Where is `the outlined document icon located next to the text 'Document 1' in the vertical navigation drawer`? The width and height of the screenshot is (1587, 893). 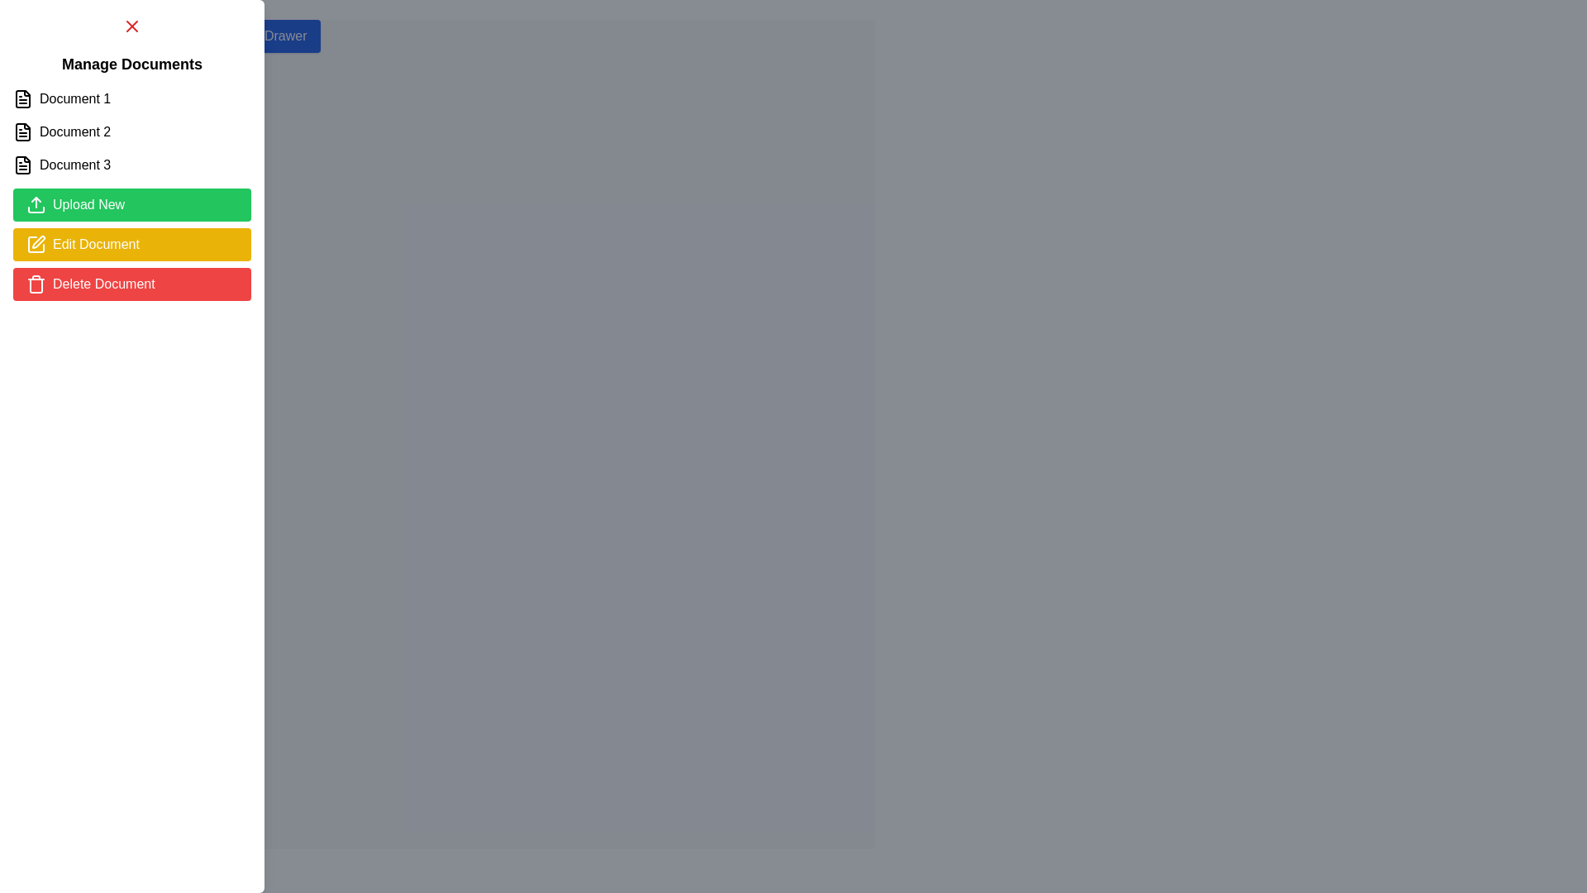 the outlined document icon located next to the text 'Document 1' in the vertical navigation drawer is located at coordinates (23, 98).